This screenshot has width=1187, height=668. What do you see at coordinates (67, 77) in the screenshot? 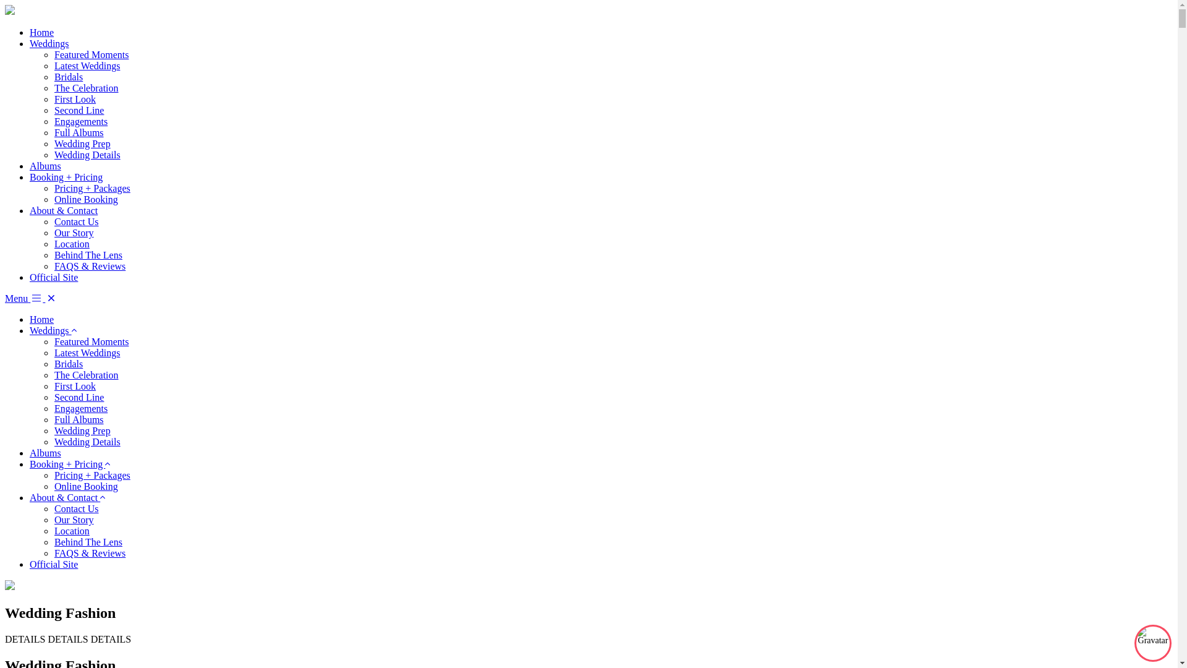
I see `'Bridals'` at bounding box center [67, 77].